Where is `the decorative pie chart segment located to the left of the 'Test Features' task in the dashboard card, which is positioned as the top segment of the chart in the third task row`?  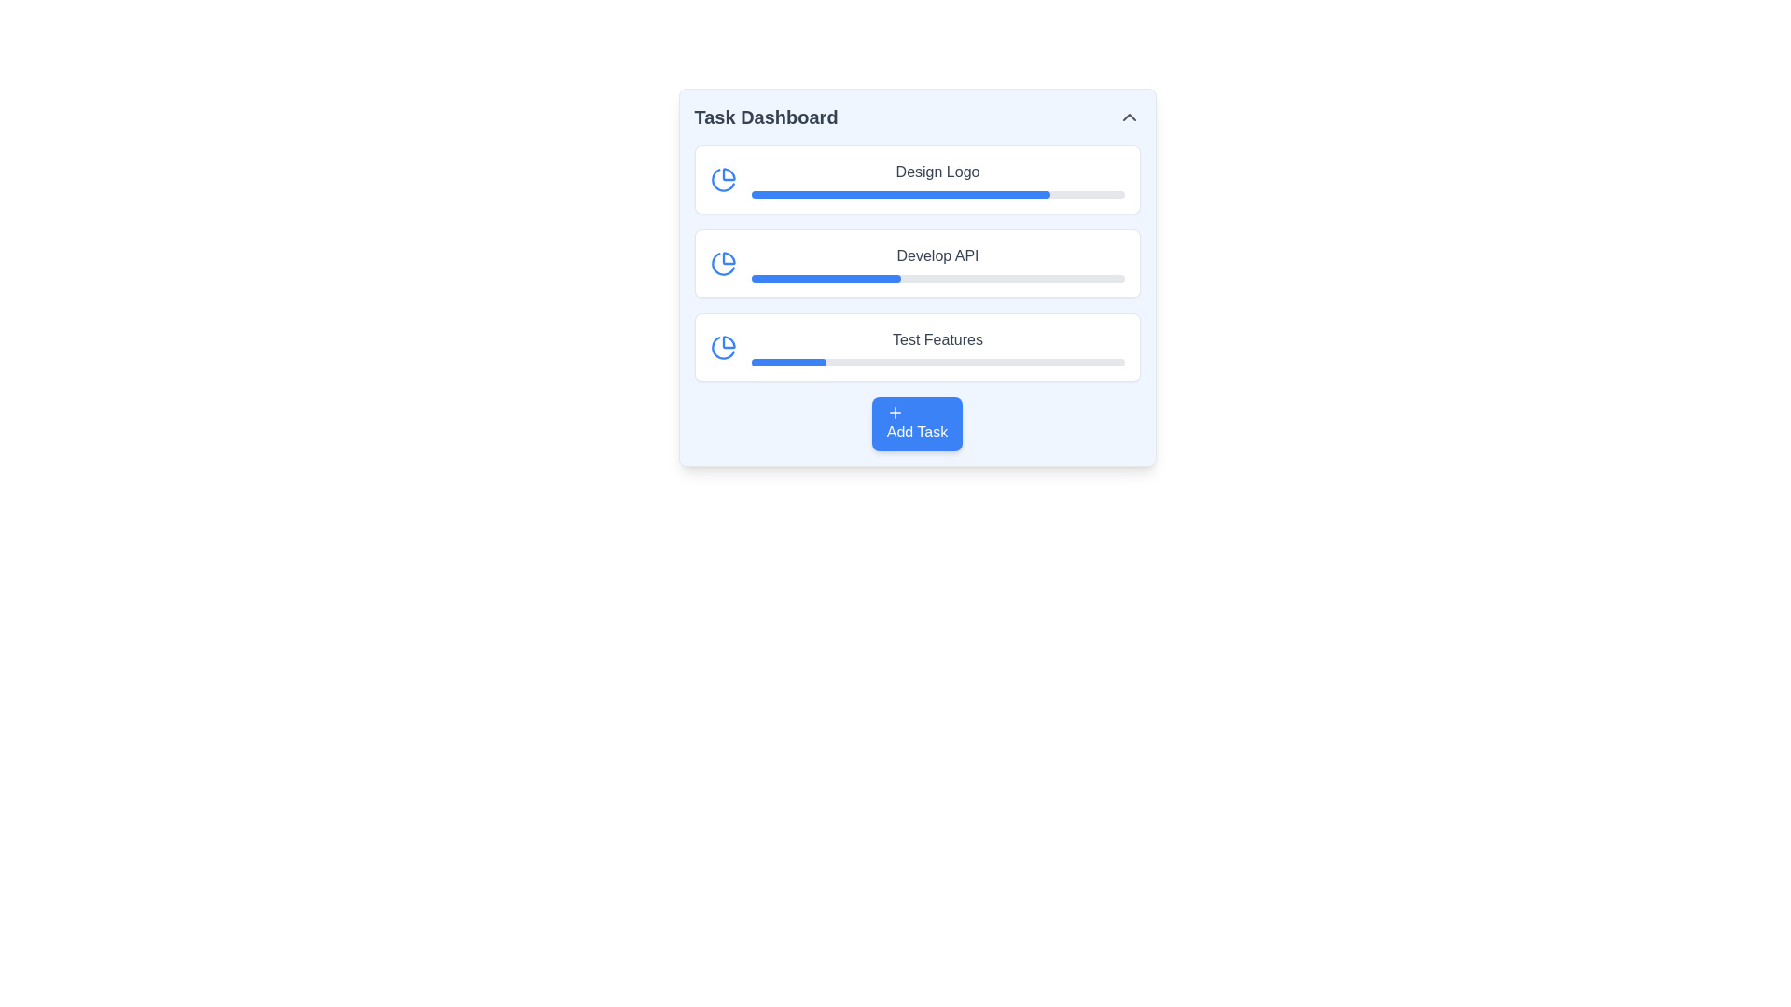 the decorative pie chart segment located to the left of the 'Test Features' task in the dashboard card, which is positioned as the top segment of the chart in the third task row is located at coordinates (728, 342).